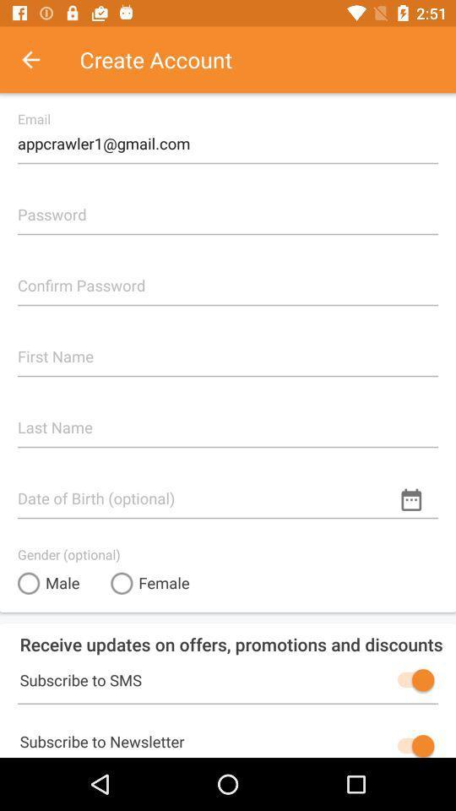 The image size is (456, 811). Describe the element at coordinates (228, 206) in the screenshot. I see `password` at that location.